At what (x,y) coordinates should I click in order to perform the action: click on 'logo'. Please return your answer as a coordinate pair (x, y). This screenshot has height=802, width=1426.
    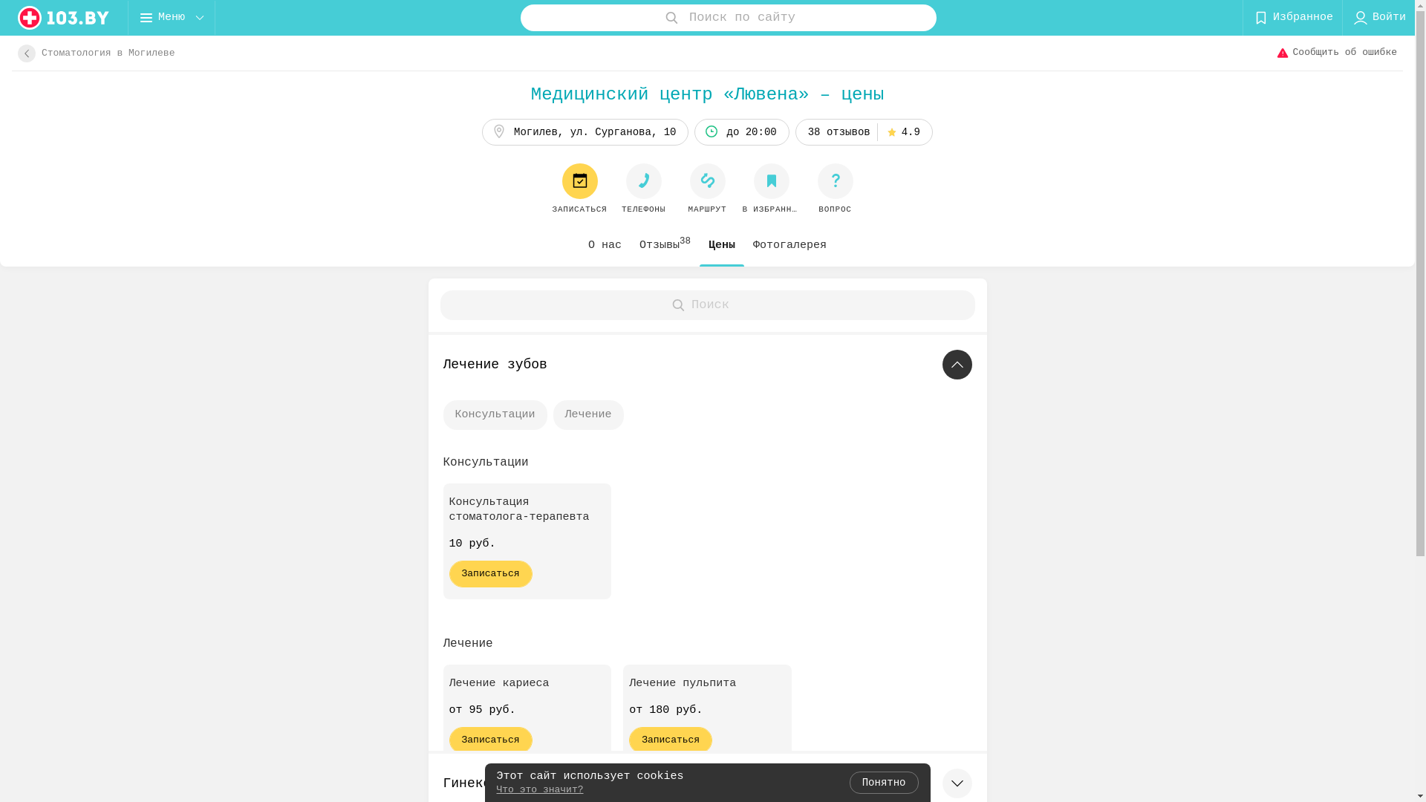
    Looking at the image, I should click on (63, 17).